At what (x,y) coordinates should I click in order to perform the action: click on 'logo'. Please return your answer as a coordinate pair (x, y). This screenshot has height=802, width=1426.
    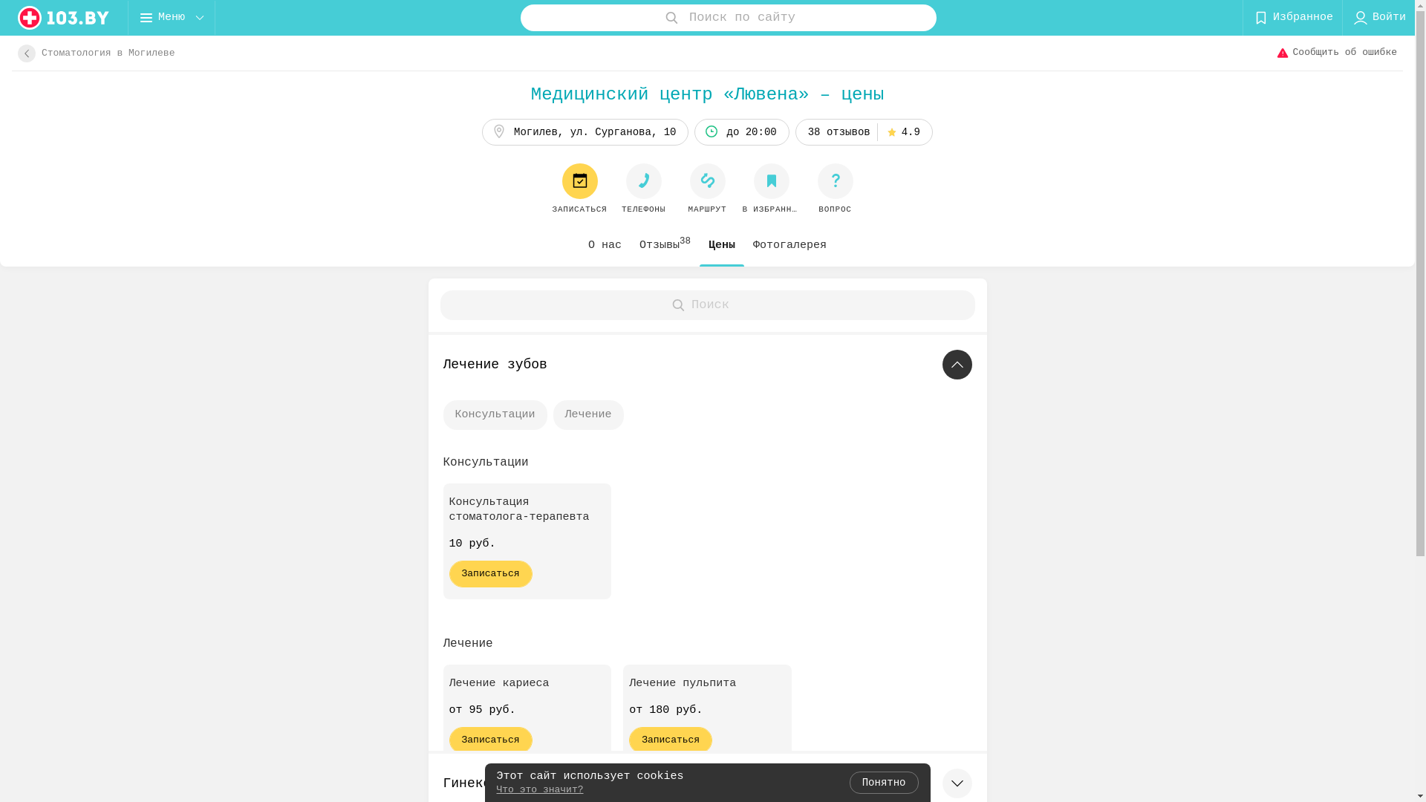
    Looking at the image, I should click on (63, 17).